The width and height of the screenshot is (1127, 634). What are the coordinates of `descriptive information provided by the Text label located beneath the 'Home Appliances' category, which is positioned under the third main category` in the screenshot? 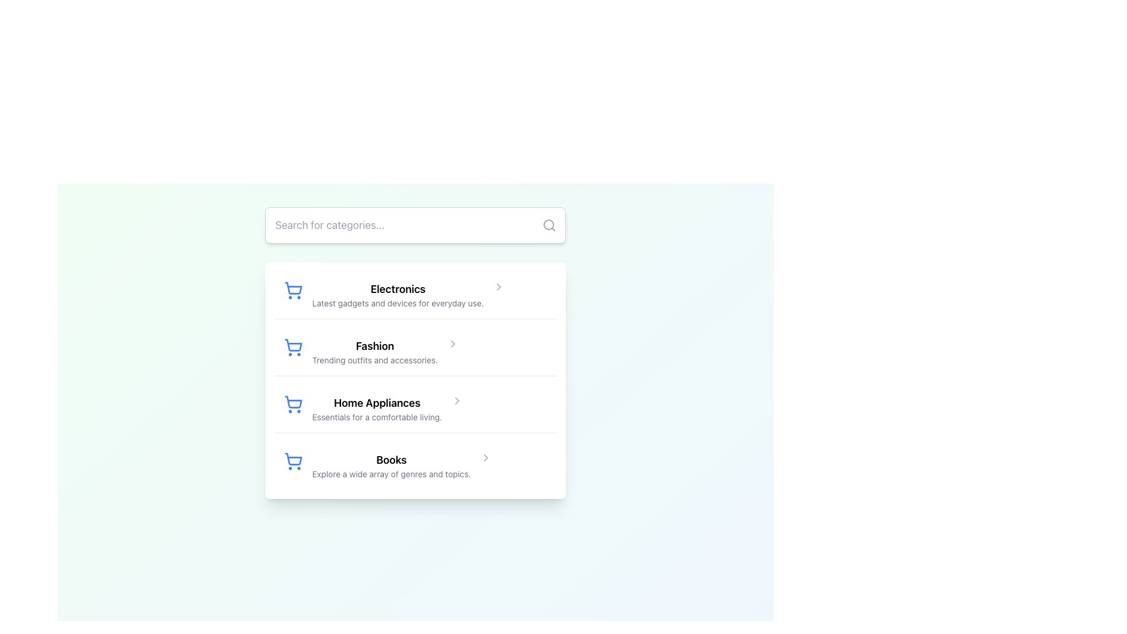 It's located at (377, 416).